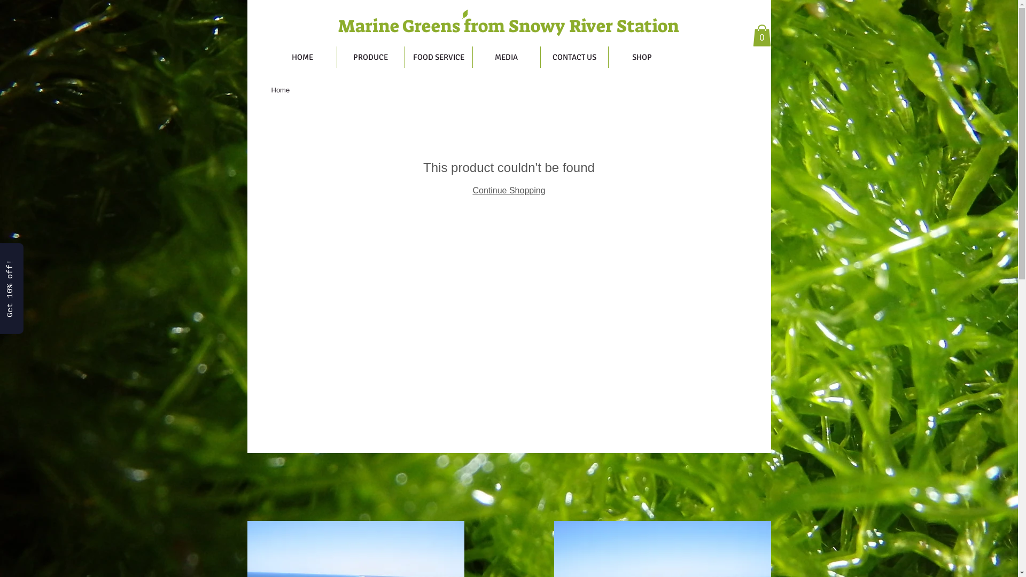 The width and height of the screenshot is (1026, 577). Describe the element at coordinates (405, 57) in the screenshot. I see `'FOOD SERVICE'` at that location.